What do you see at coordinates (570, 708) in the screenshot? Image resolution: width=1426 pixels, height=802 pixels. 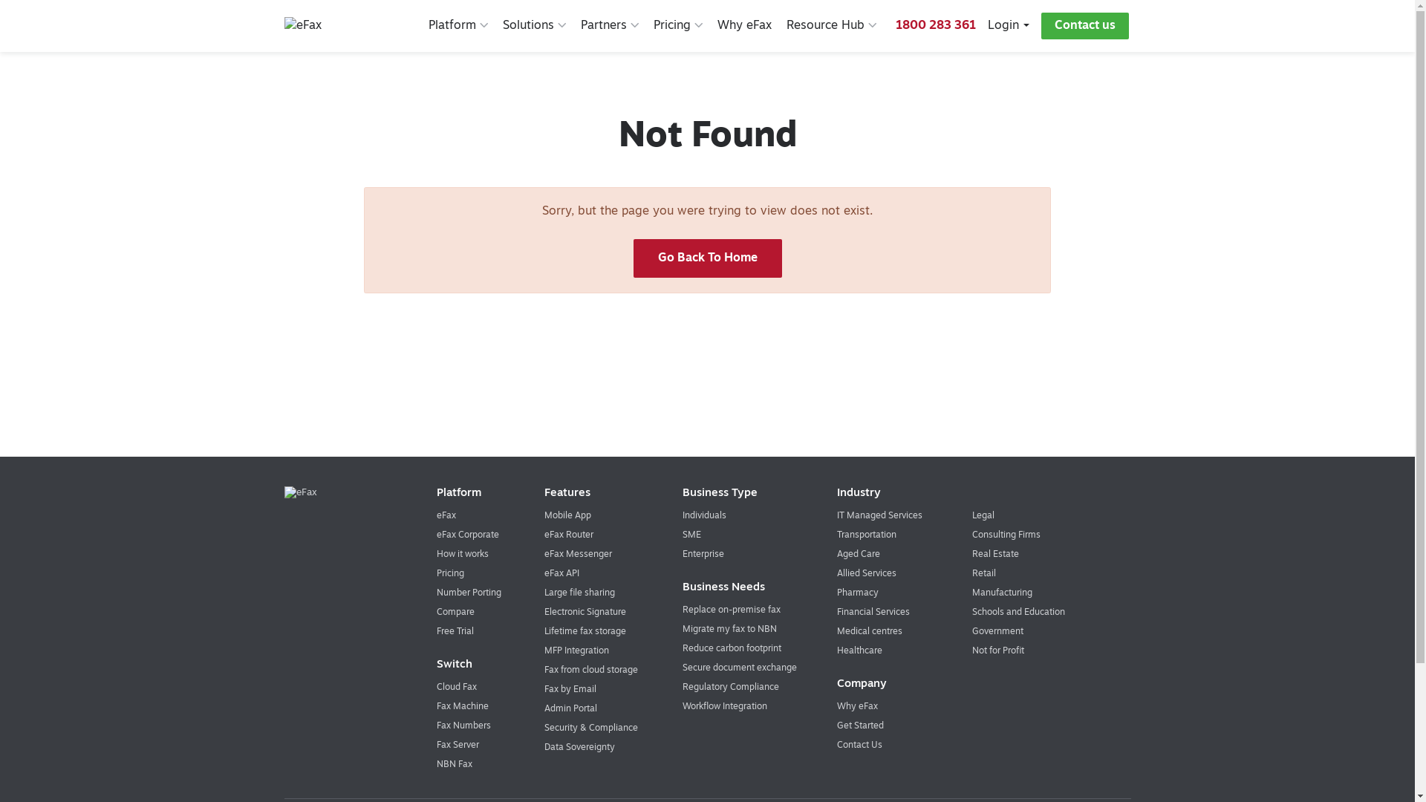 I see `'Admin Portal'` at bounding box center [570, 708].